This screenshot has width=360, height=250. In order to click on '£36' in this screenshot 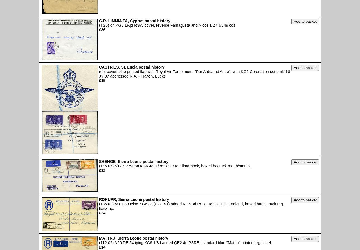, I will do `click(102, 29)`.